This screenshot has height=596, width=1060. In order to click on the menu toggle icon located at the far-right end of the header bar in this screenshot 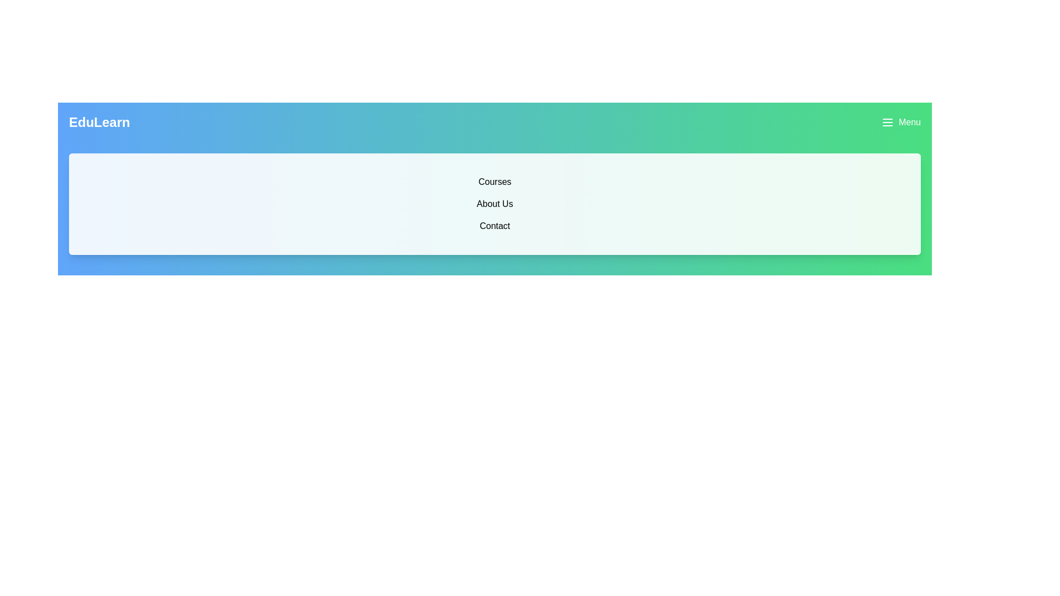, I will do `click(888, 123)`.